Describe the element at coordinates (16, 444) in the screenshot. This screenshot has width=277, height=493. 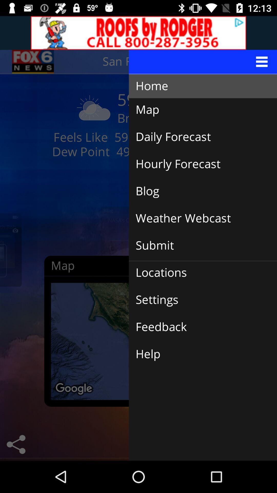
I see `the share icon` at that location.